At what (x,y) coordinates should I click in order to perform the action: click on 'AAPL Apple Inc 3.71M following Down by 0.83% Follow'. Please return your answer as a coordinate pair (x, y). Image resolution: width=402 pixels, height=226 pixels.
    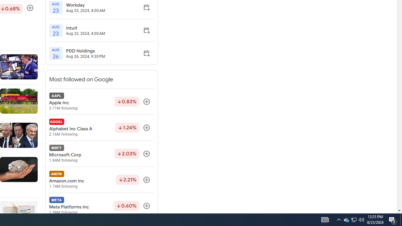
    Looking at the image, I should click on (101, 101).